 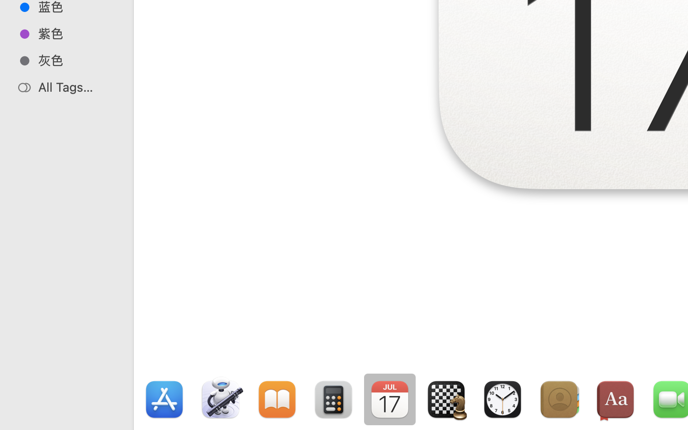 What do you see at coordinates (76, 33) in the screenshot?
I see `'紫色'` at bounding box center [76, 33].